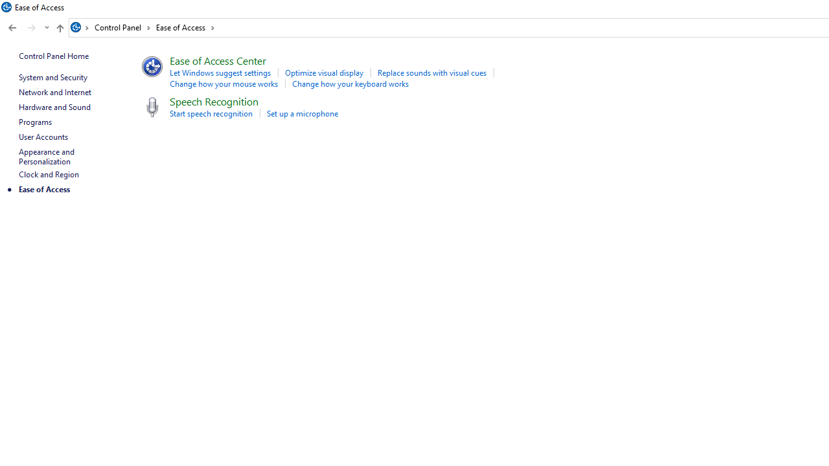 Image resolution: width=829 pixels, height=466 pixels. I want to click on 'Start speech recognition', so click(210, 113).